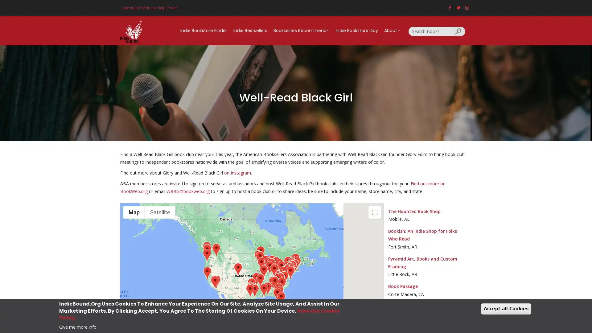 The height and width of the screenshot is (333, 592). Describe the element at coordinates (271, 264) in the screenshot. I see `Fables Books` at that location.